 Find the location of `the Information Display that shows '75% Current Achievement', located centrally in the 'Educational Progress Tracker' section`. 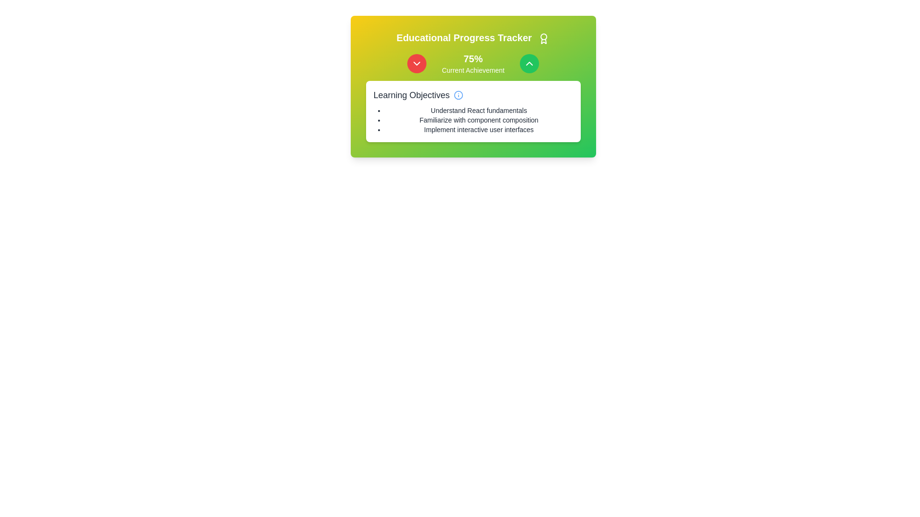

the Information Display that shows '75% Current Achievement', located centrally in the 'Educational Progress Tracker' section is located at coordinates (473, 63).